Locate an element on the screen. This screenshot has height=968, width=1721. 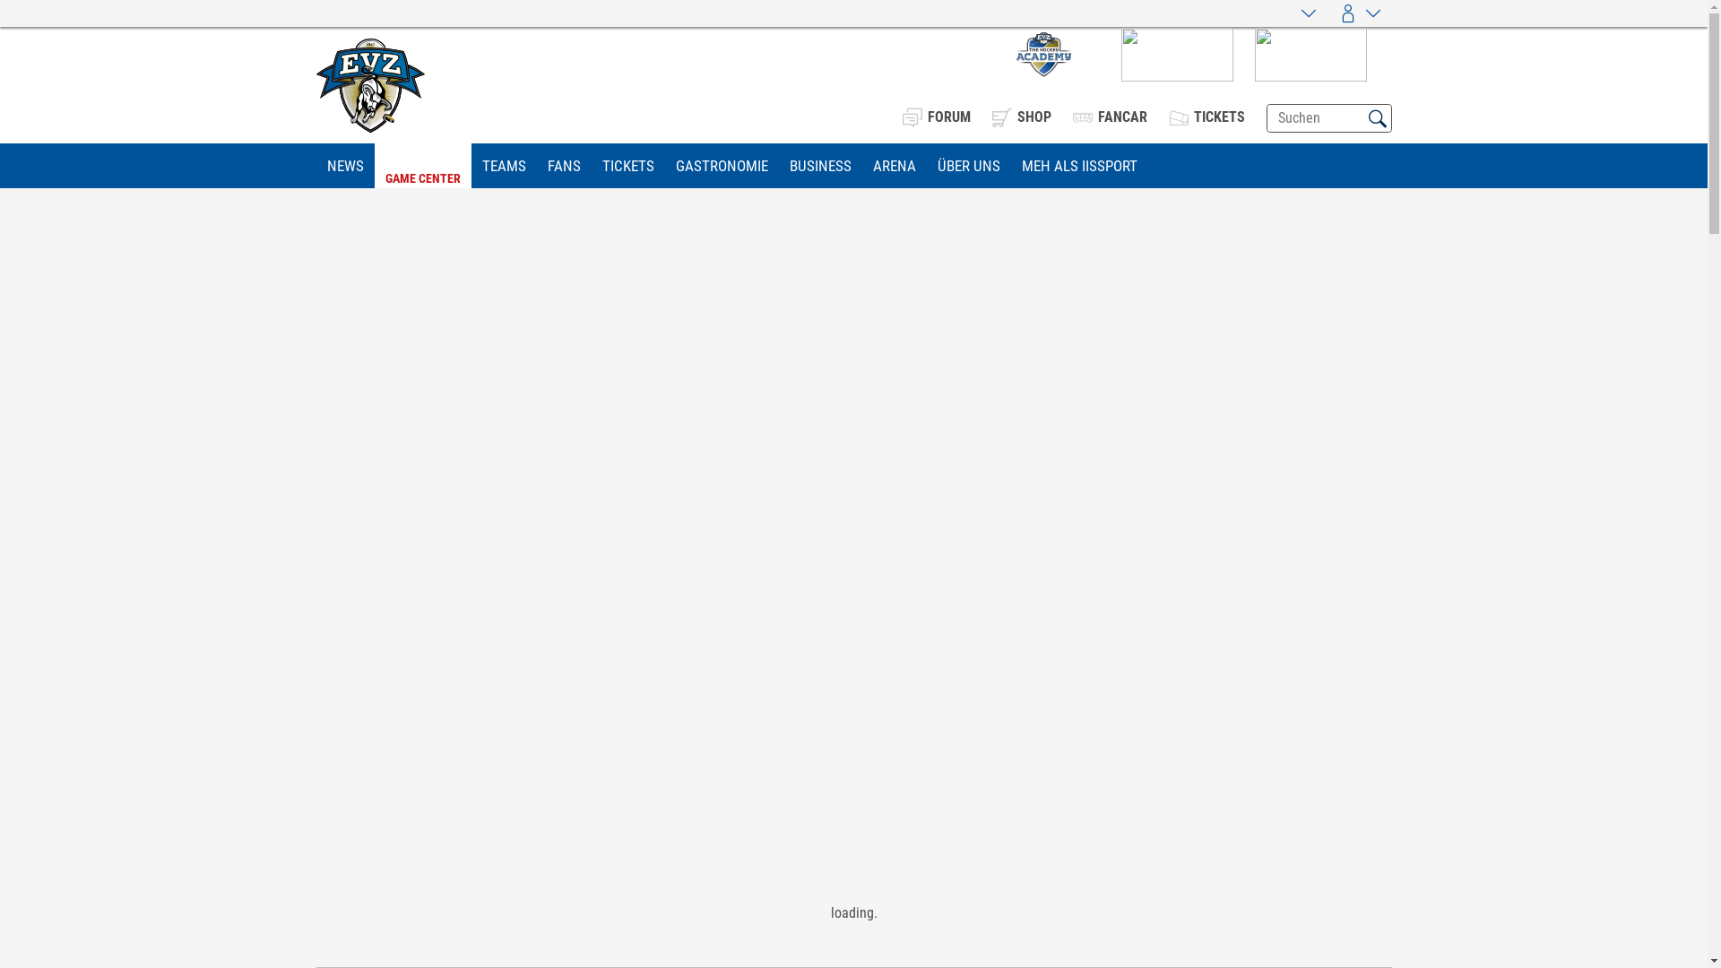
'MEH ALS IISSPORT' is located at coordinates (1078, 166).